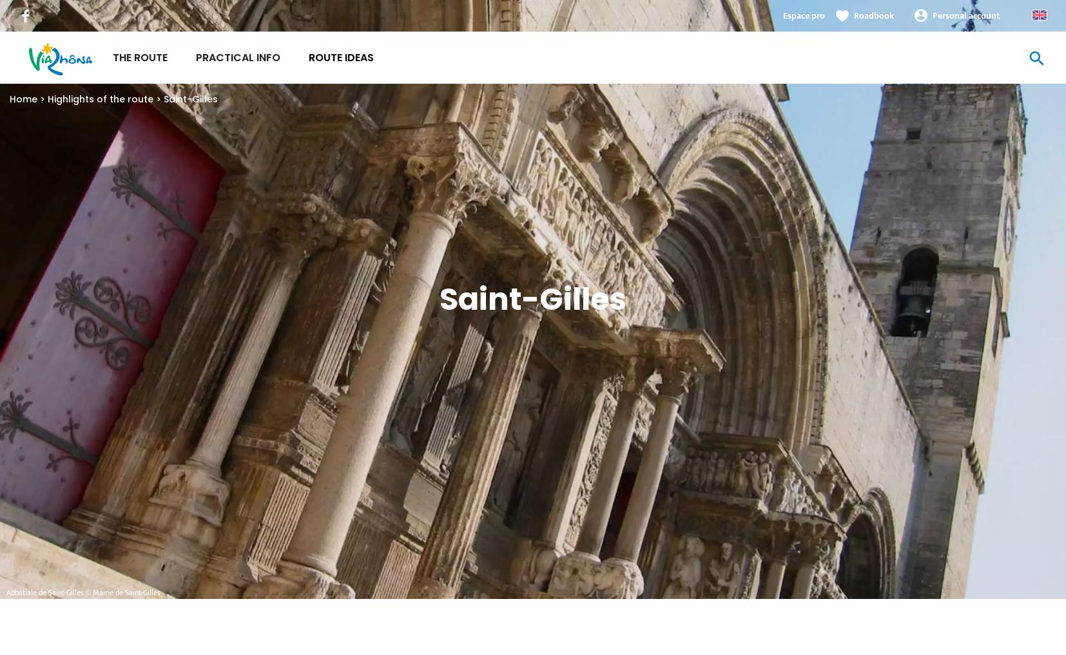 The image size is (1066, 655). Describe the element at coordinates (782, 15) in the screenshot. I see `'Espace pro'` at that location.